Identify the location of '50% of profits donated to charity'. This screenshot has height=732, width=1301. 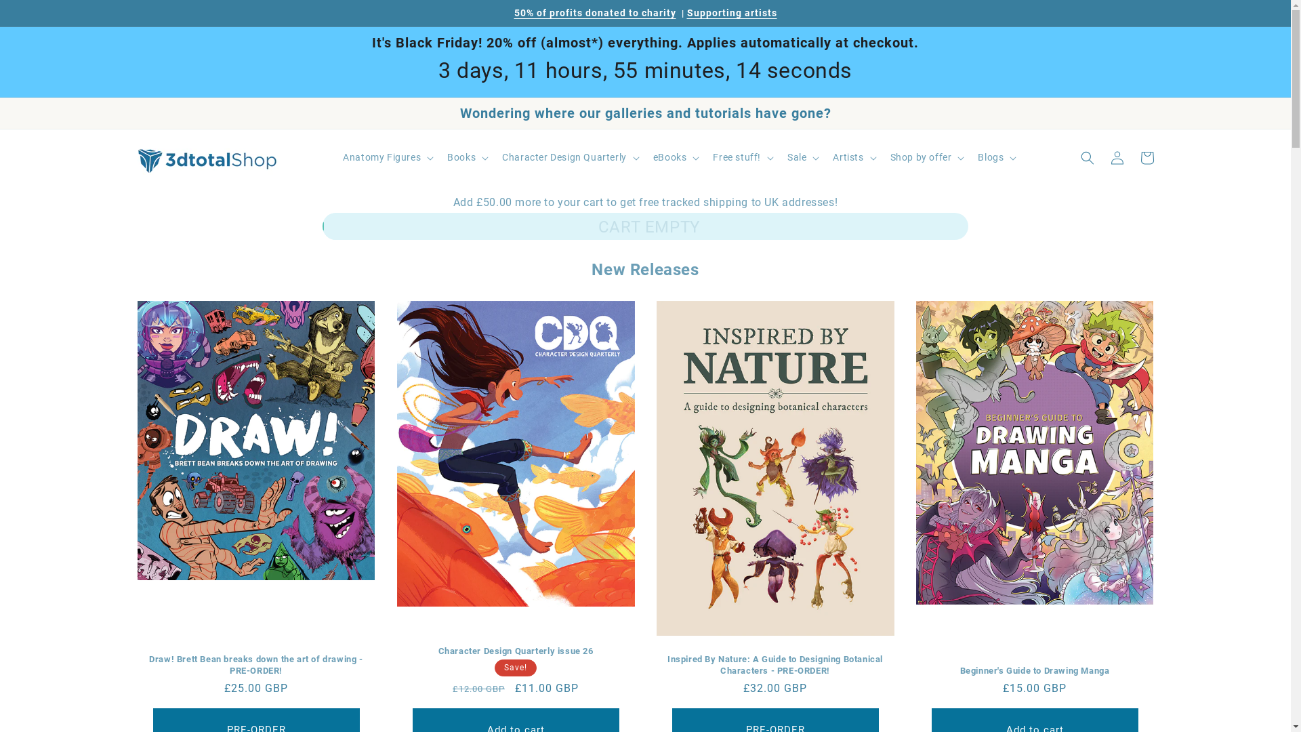
(594, 13).